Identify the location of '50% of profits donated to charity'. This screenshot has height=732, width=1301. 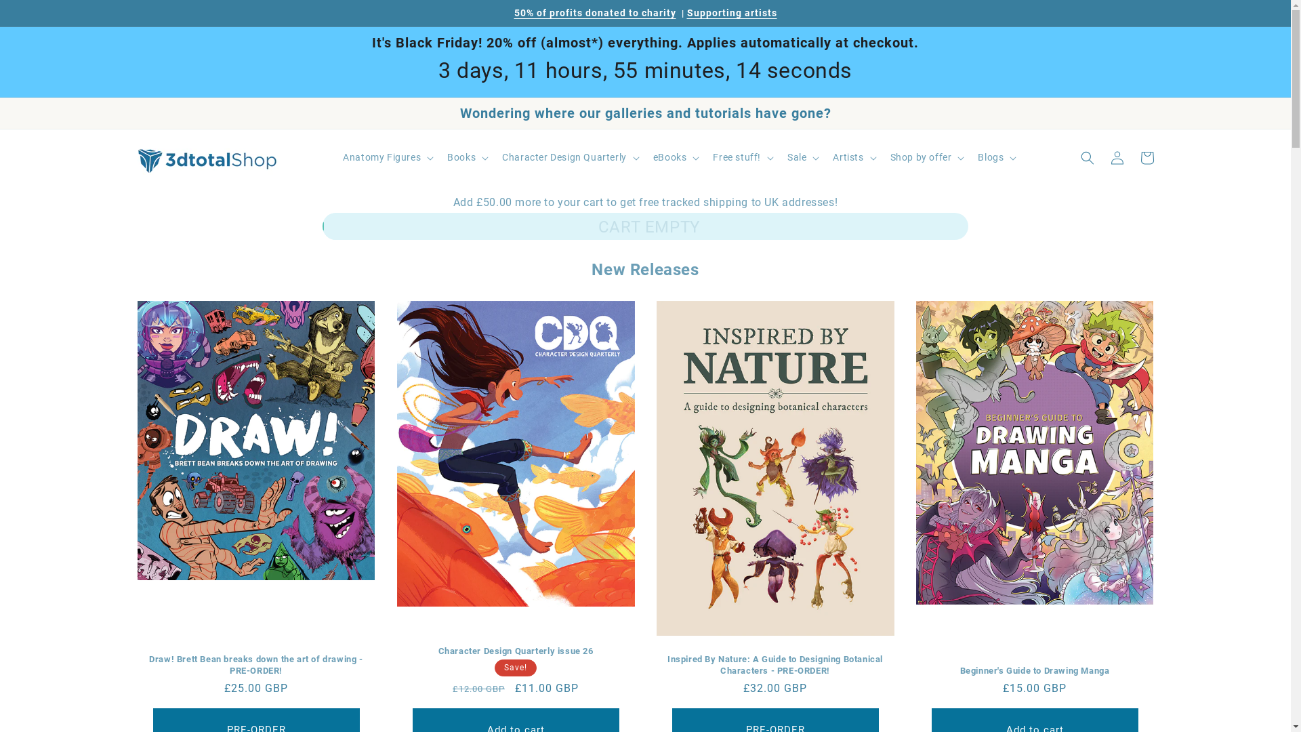
(594, 13).